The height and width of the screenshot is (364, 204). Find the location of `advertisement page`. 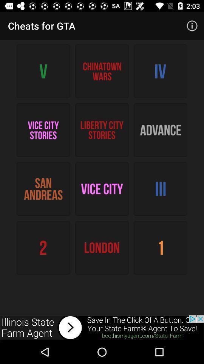

advertisement page is located at coordinates (102, 327).